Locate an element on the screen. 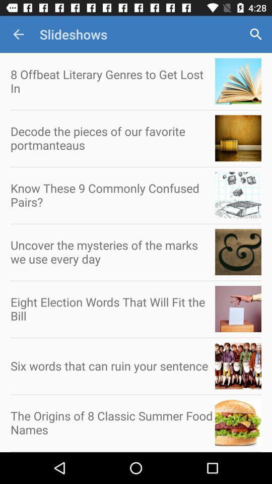 The image size is (272, 484). app to the left of the slideshows is located at coordinates (18, 34).